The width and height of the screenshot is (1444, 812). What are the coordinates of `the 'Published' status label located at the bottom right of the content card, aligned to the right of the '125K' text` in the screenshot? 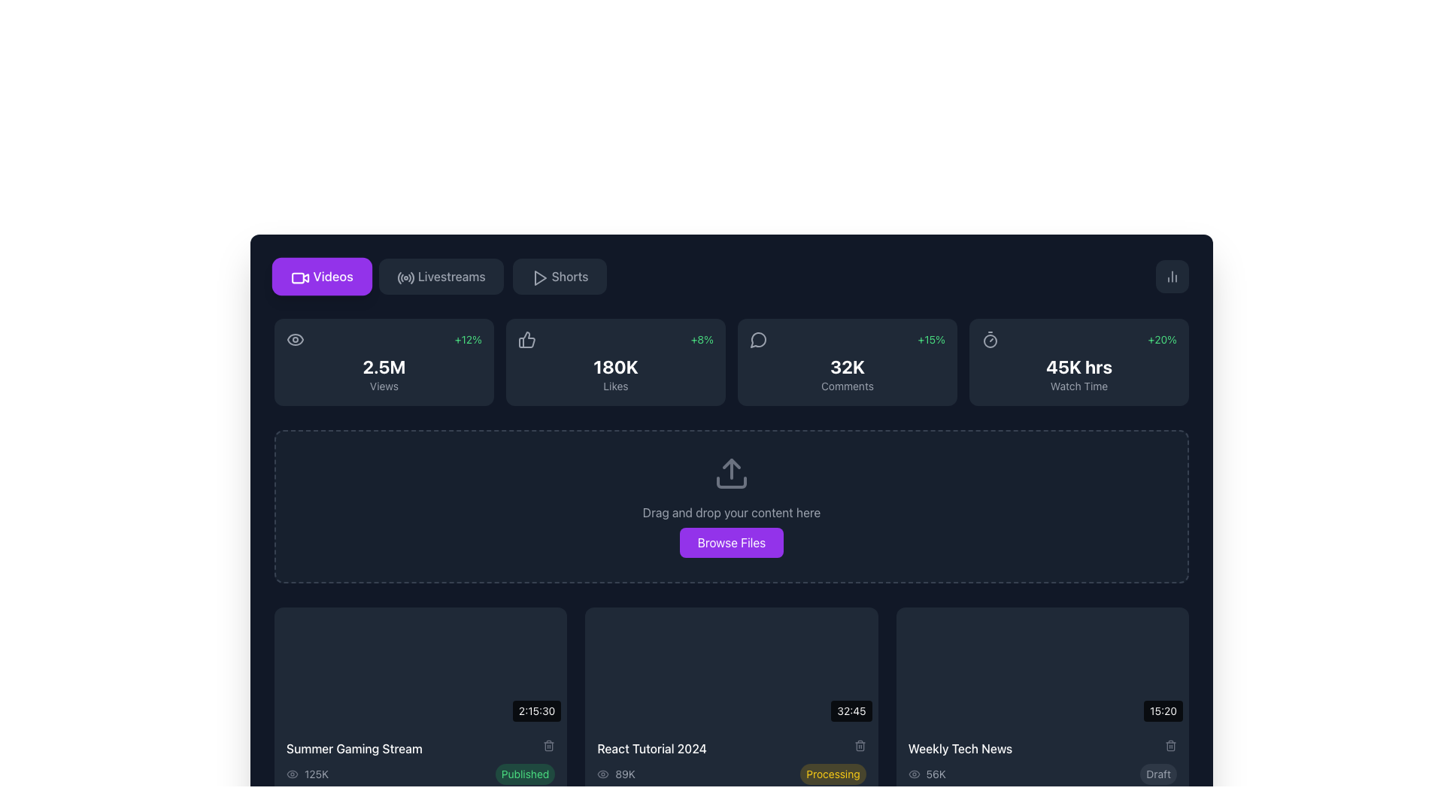 It's located at (525, 774).